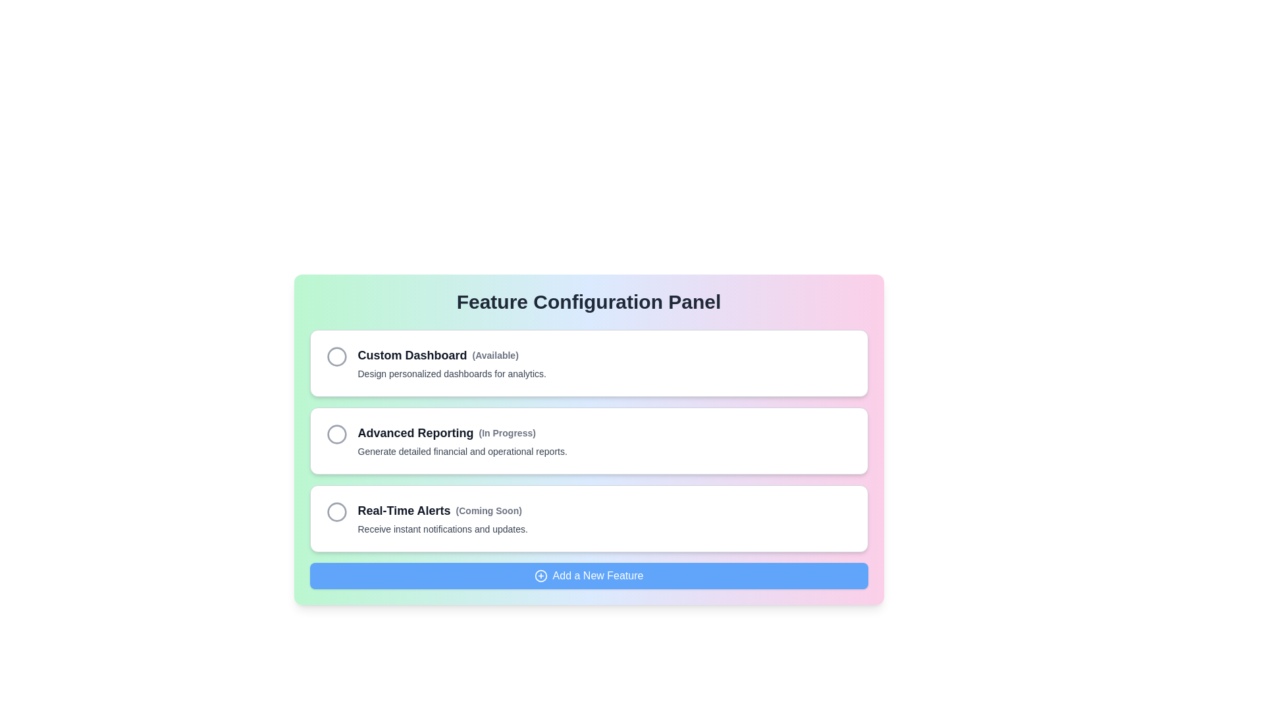 Image resolution: width=1264 pixels, height=711 pixels. I want to click on the 'Real-Time Alerts (Coming Soon)' text label in the third feature option of the configuration panel to understand its status, so click(442, 510).